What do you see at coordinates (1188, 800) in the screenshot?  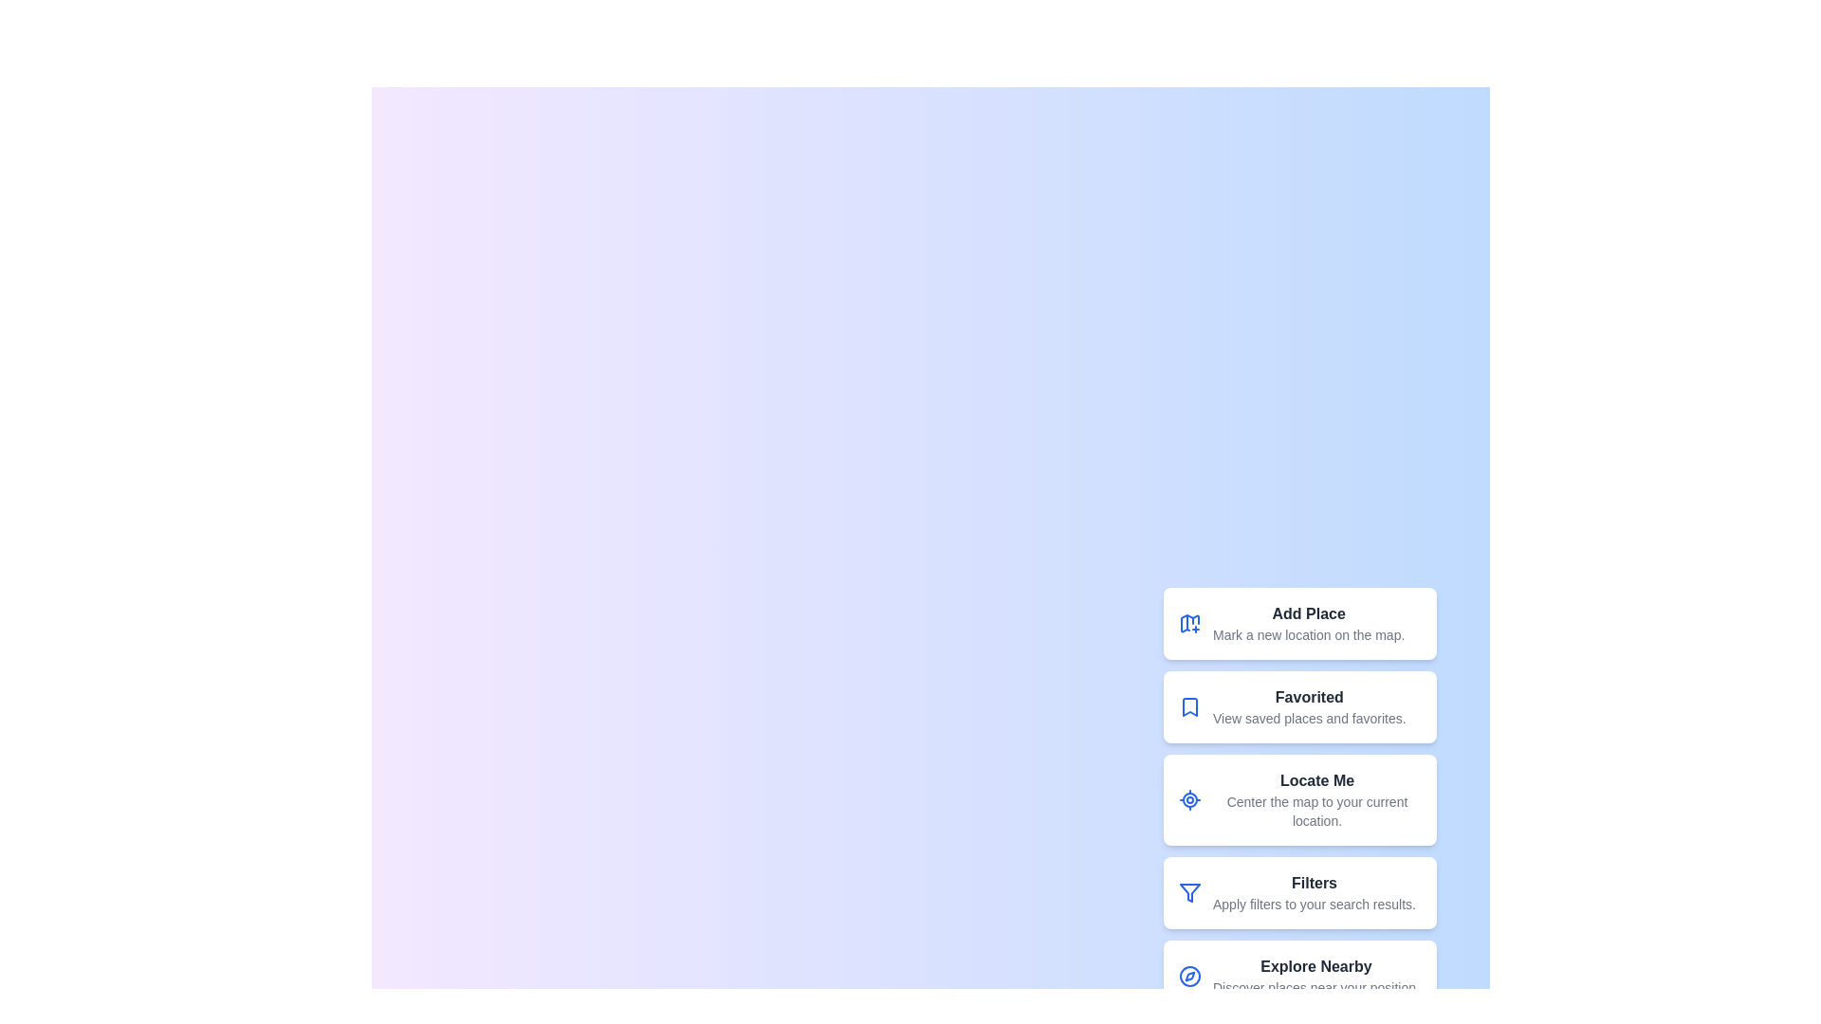 I see `the 'Locate Me' button to center the map to the user's current location` at bounding box center [1188, 800].